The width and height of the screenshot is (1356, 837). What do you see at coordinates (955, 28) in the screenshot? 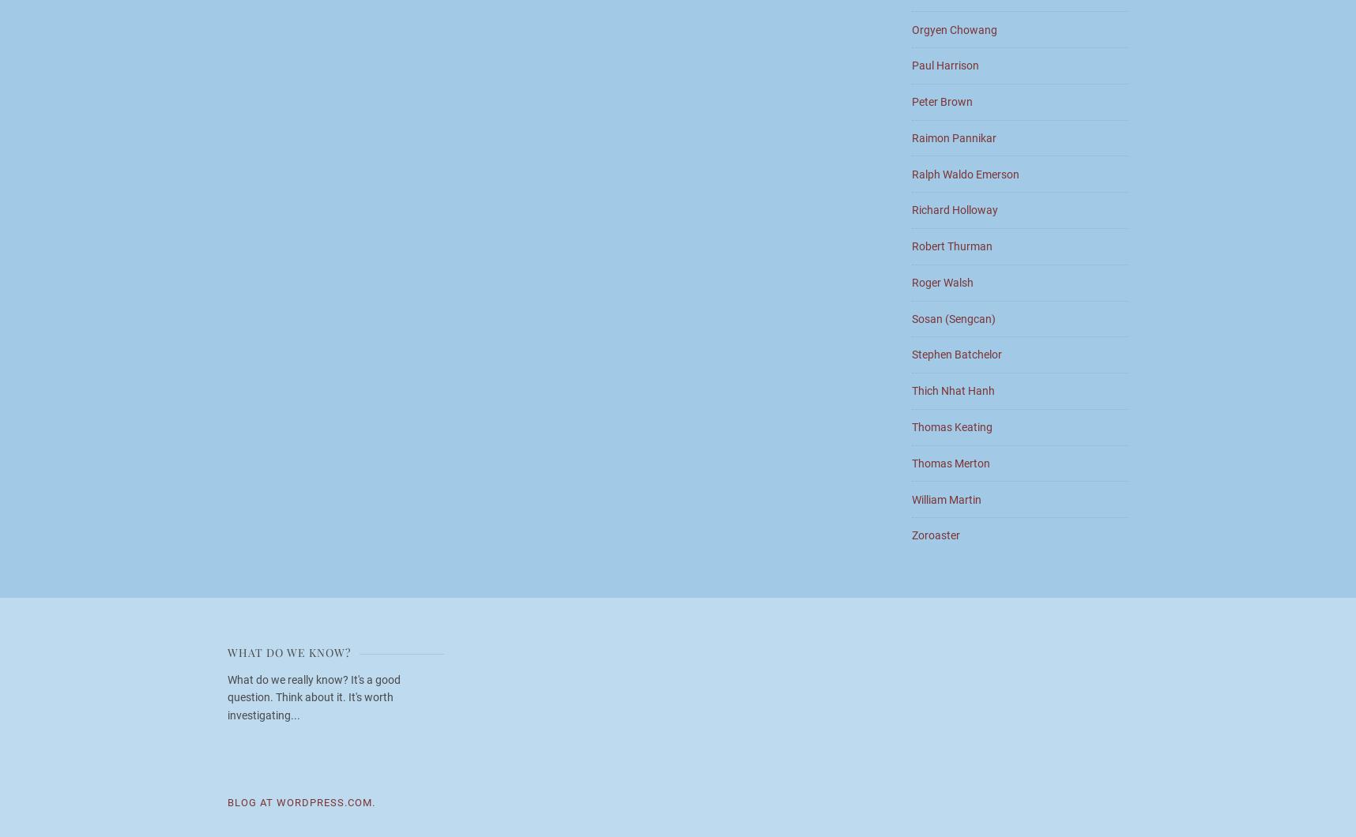
I see `'Orgyen Chowang'` at bounding box center [955, 28].